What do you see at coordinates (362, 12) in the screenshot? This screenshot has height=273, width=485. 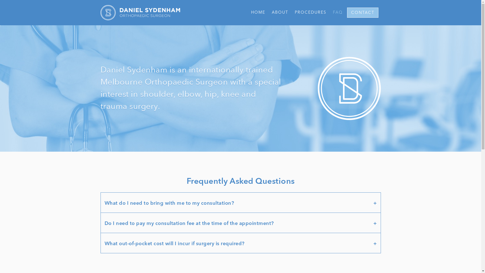 I see `'CONTACT'` at bounding box center [362, 12].